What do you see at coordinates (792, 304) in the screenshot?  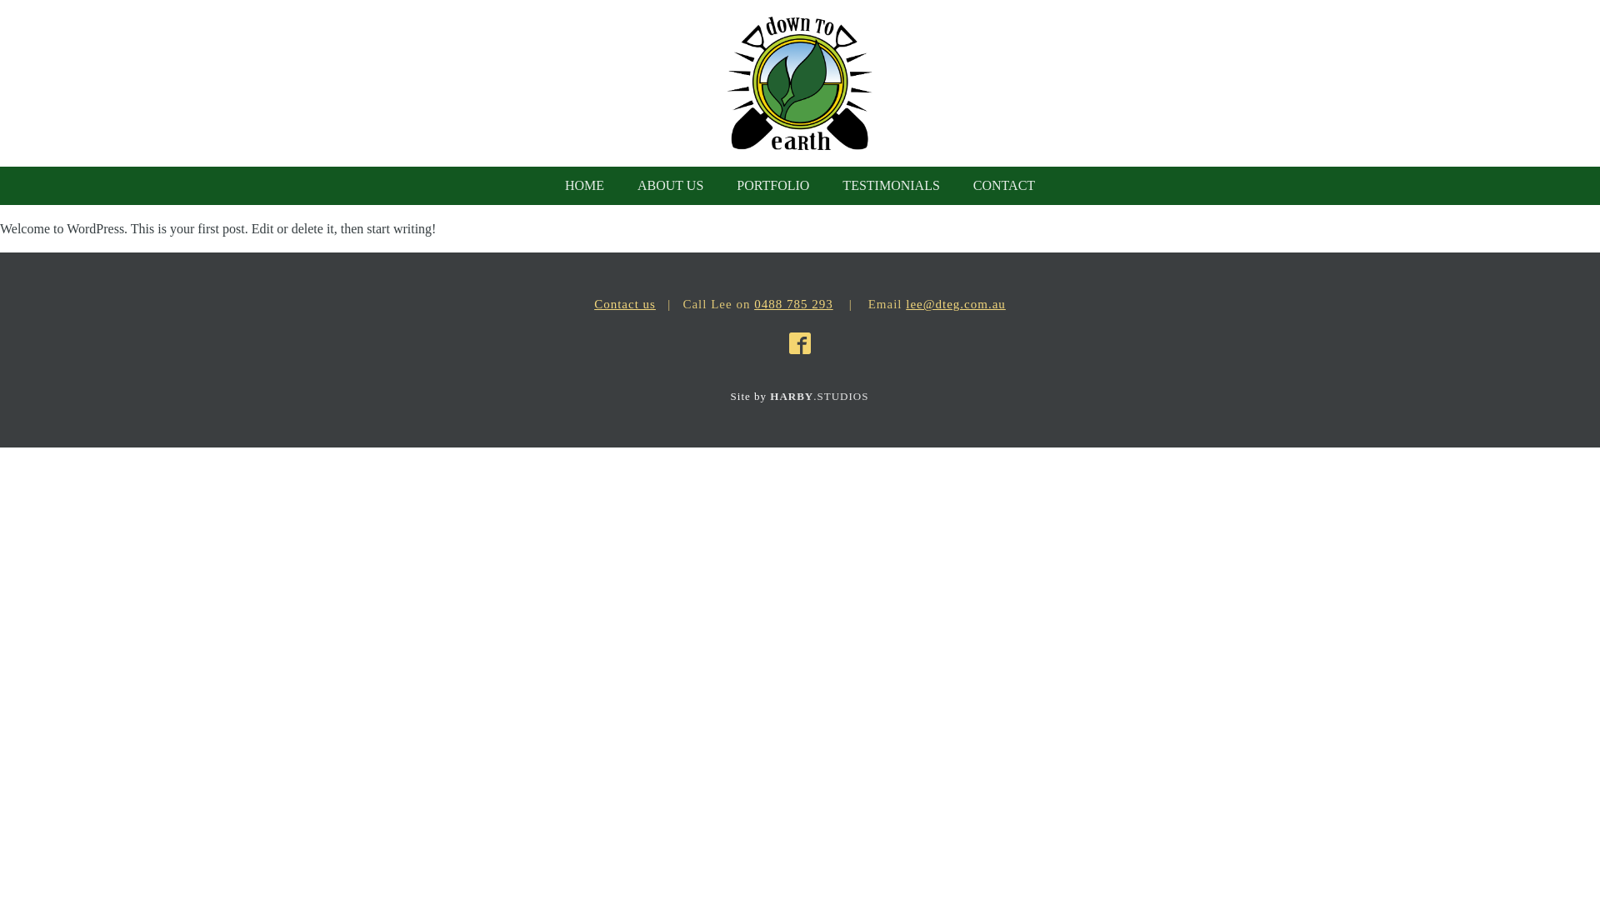 I see `'0488 785 293'` at bounding box center [792, 304].